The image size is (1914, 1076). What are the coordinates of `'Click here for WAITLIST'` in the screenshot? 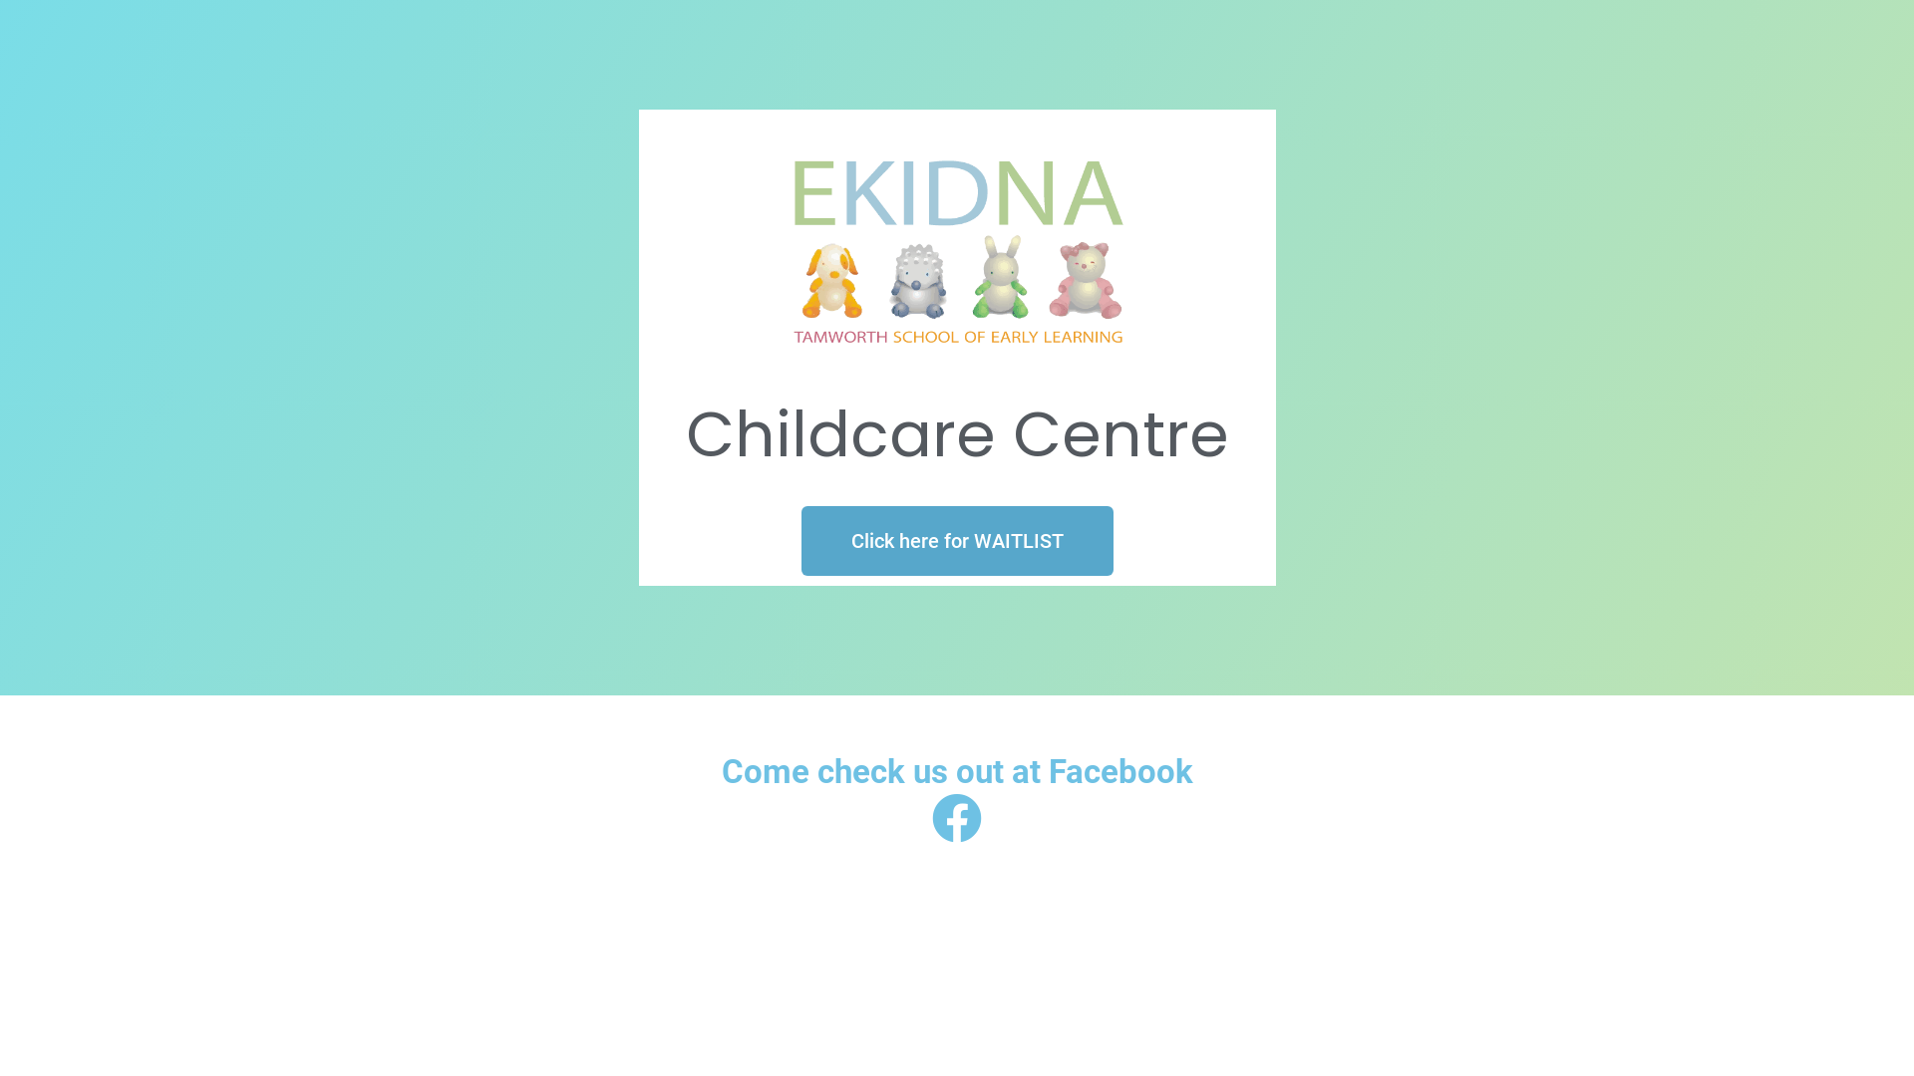 It's located at (957, 541).